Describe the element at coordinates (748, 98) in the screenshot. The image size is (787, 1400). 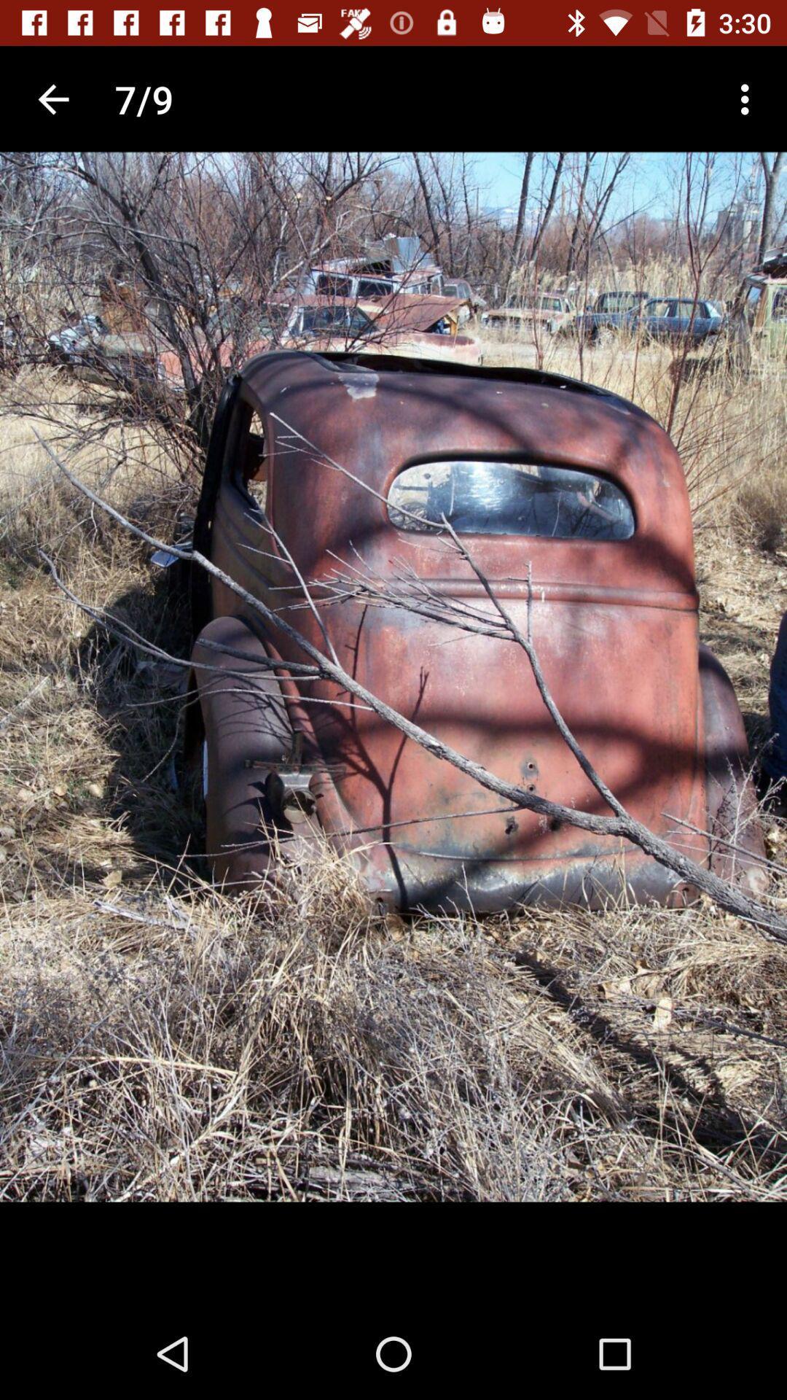
I see `icon at the top right corner` at that location.